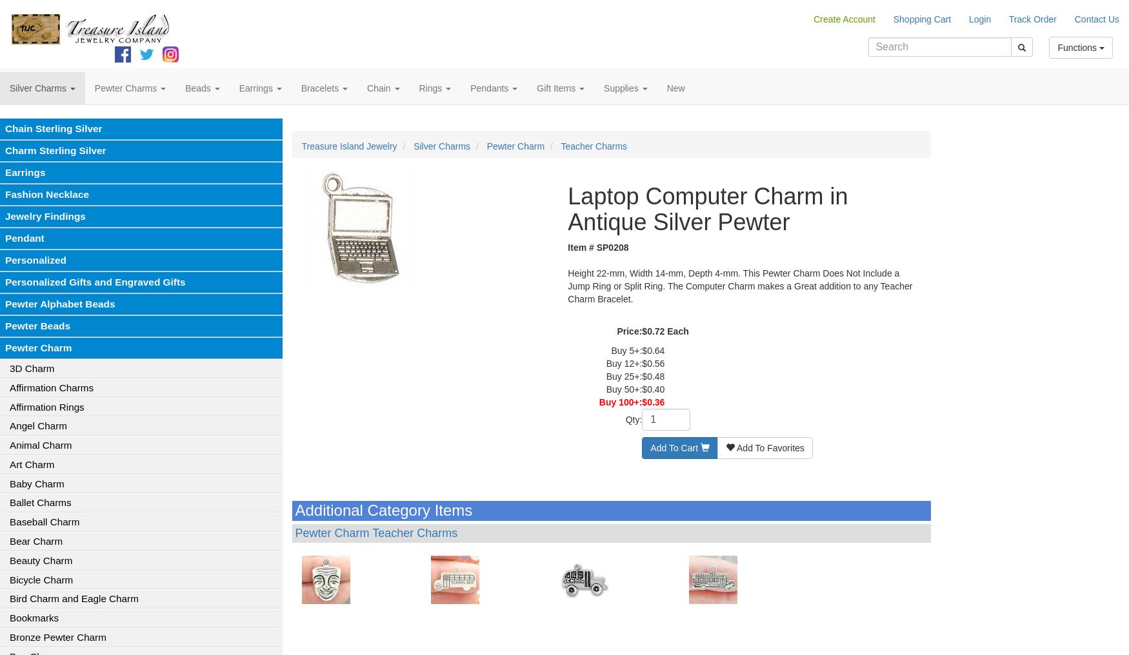 The height and width of the screenshot is (655, 1129). Describe the element at coordinates (597, 247) in the screenshot. I see `'Item # SP0208'` at that location.